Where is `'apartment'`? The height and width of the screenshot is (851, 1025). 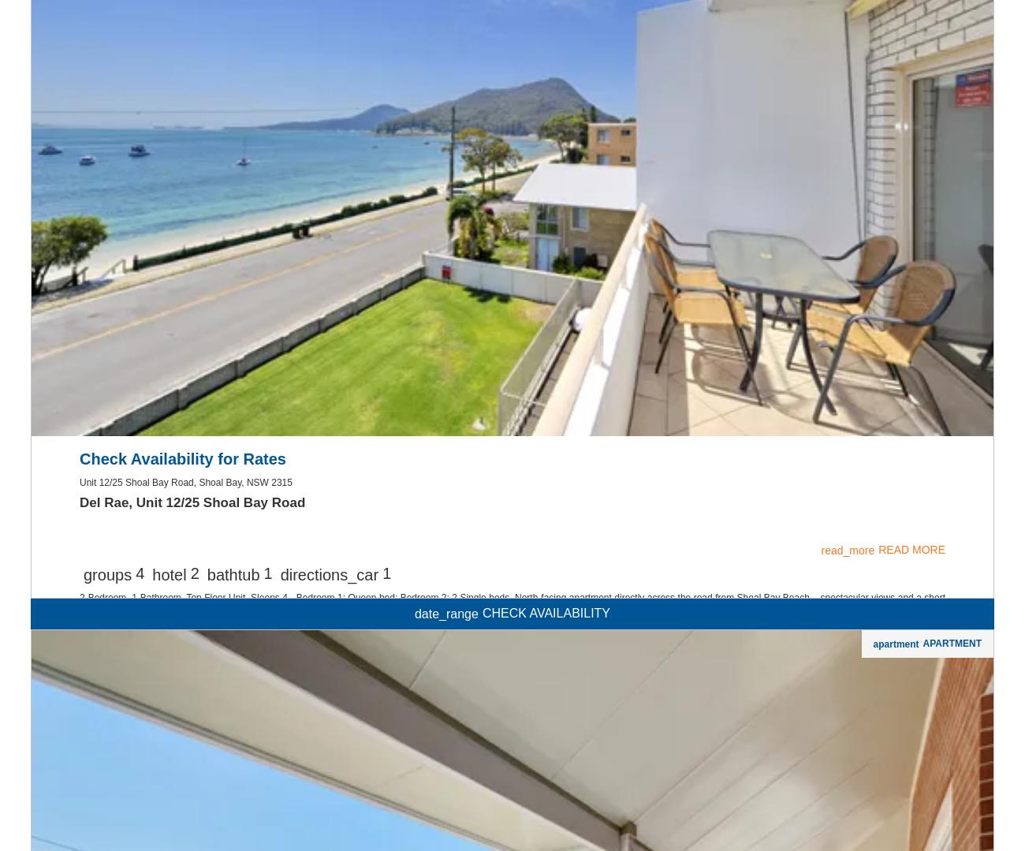 'apartment' is located at coordinates (894, 23).